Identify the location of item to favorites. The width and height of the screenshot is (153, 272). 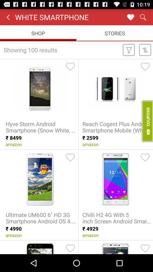
(70, 157).